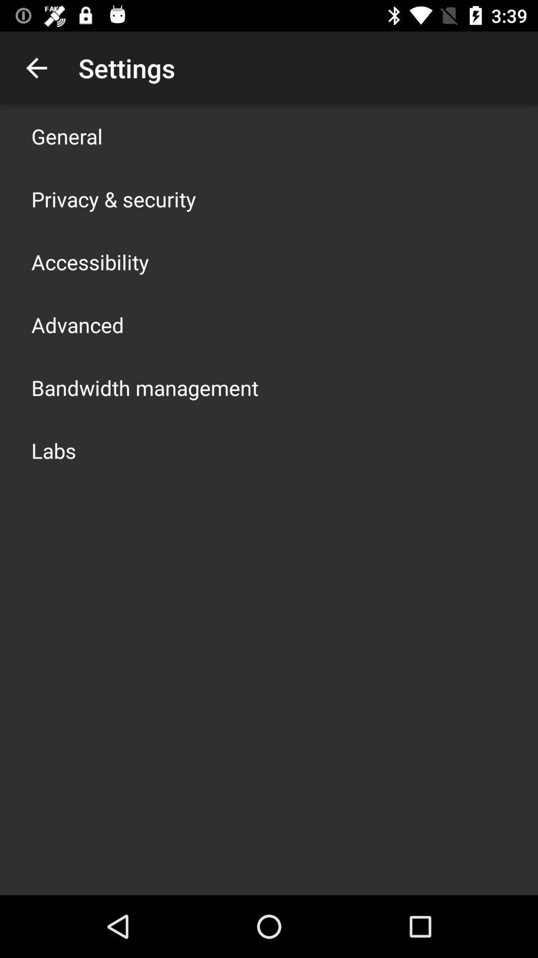  I want to click on the accessibility item, so click(90, 261).